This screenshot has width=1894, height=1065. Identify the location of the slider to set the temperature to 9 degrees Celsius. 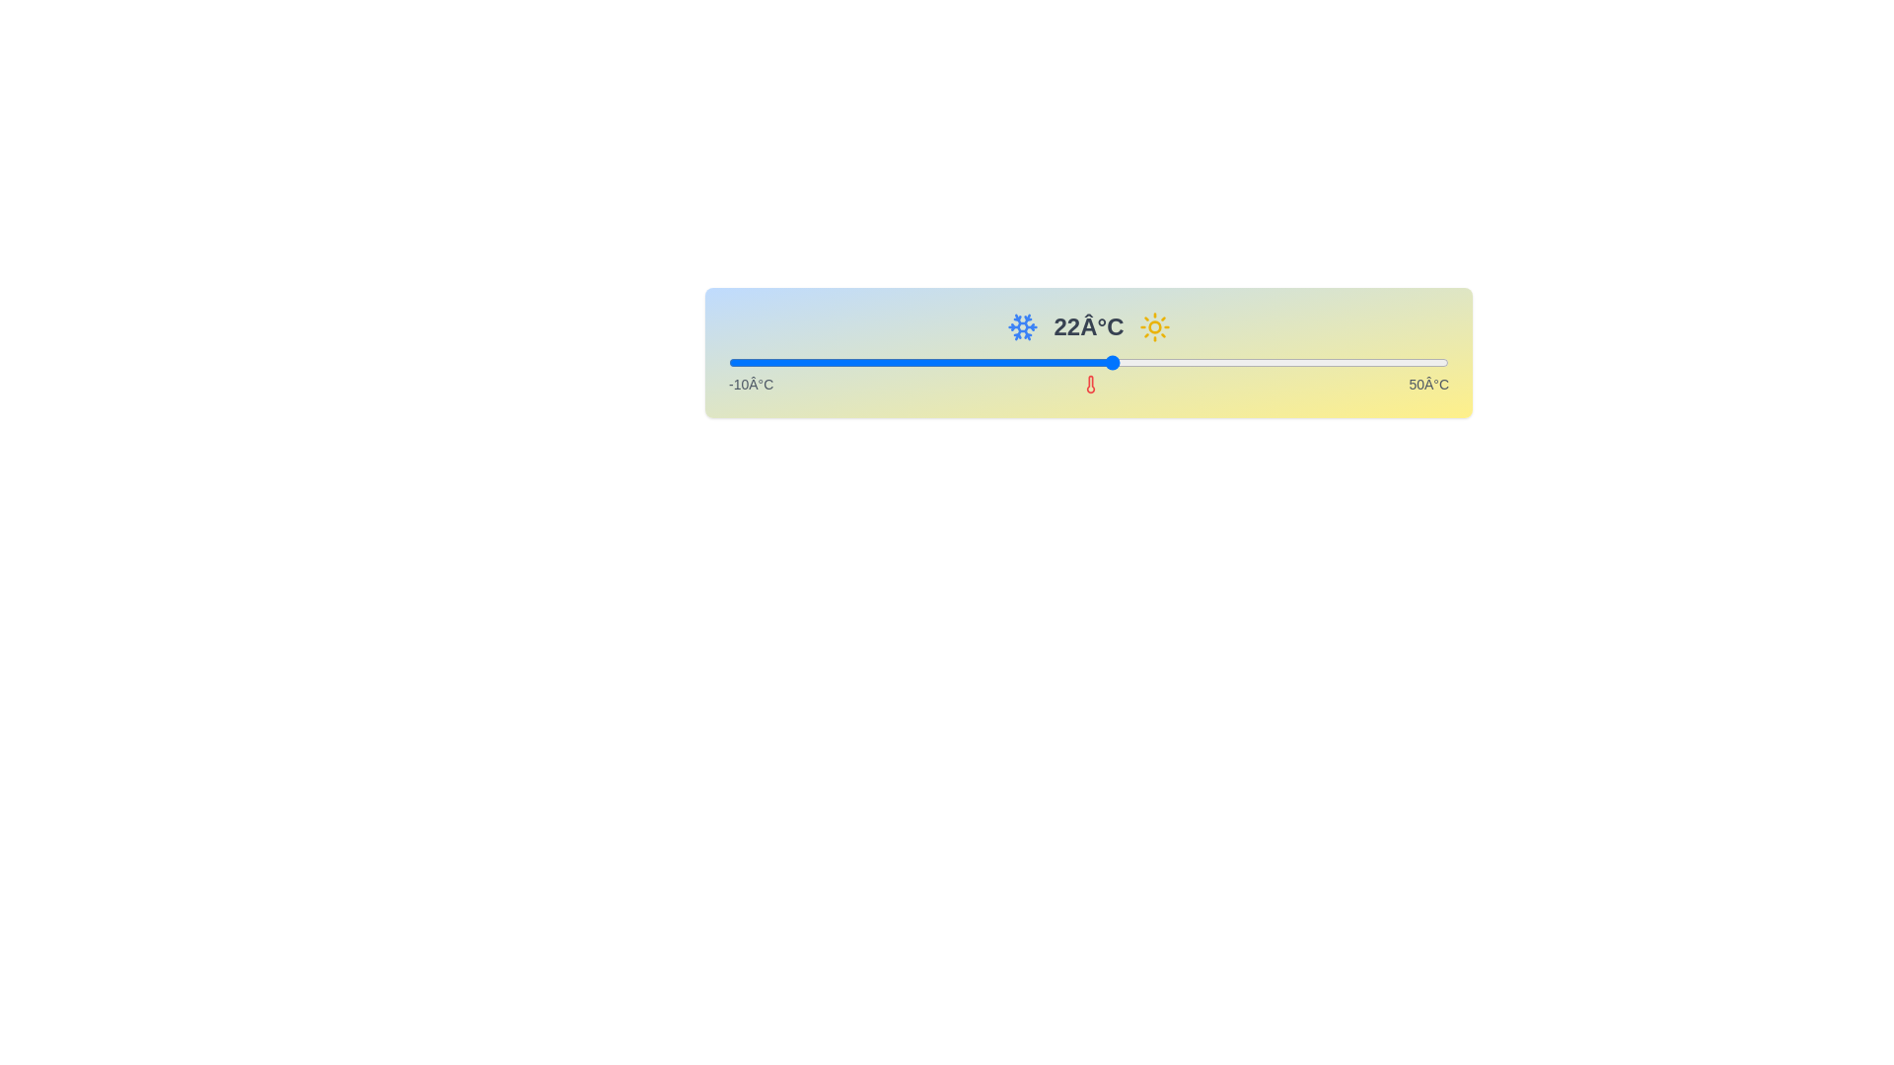
(957, 362).